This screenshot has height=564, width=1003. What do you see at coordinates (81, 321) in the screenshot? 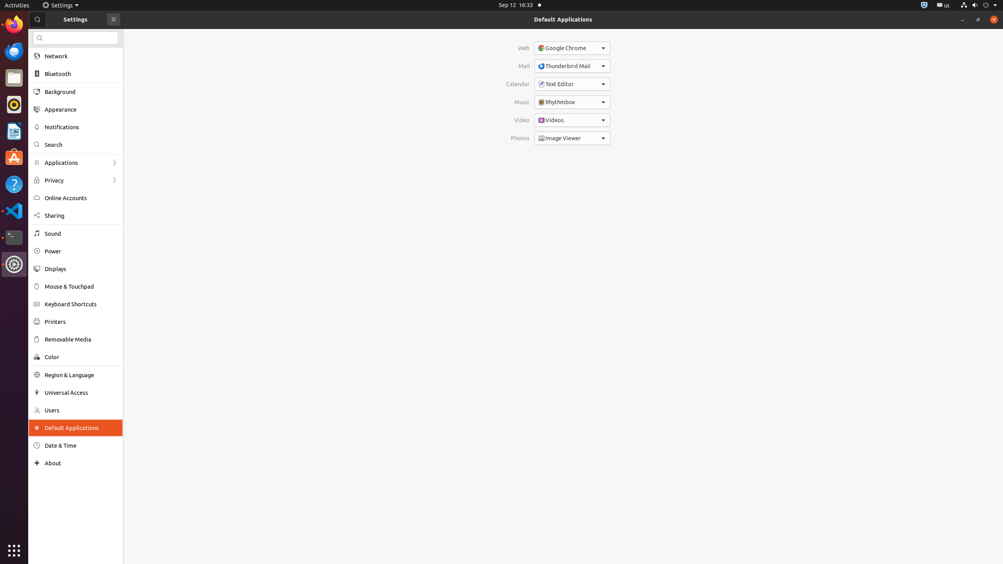
I see `'Printers'` at bounding box center [81, 321].